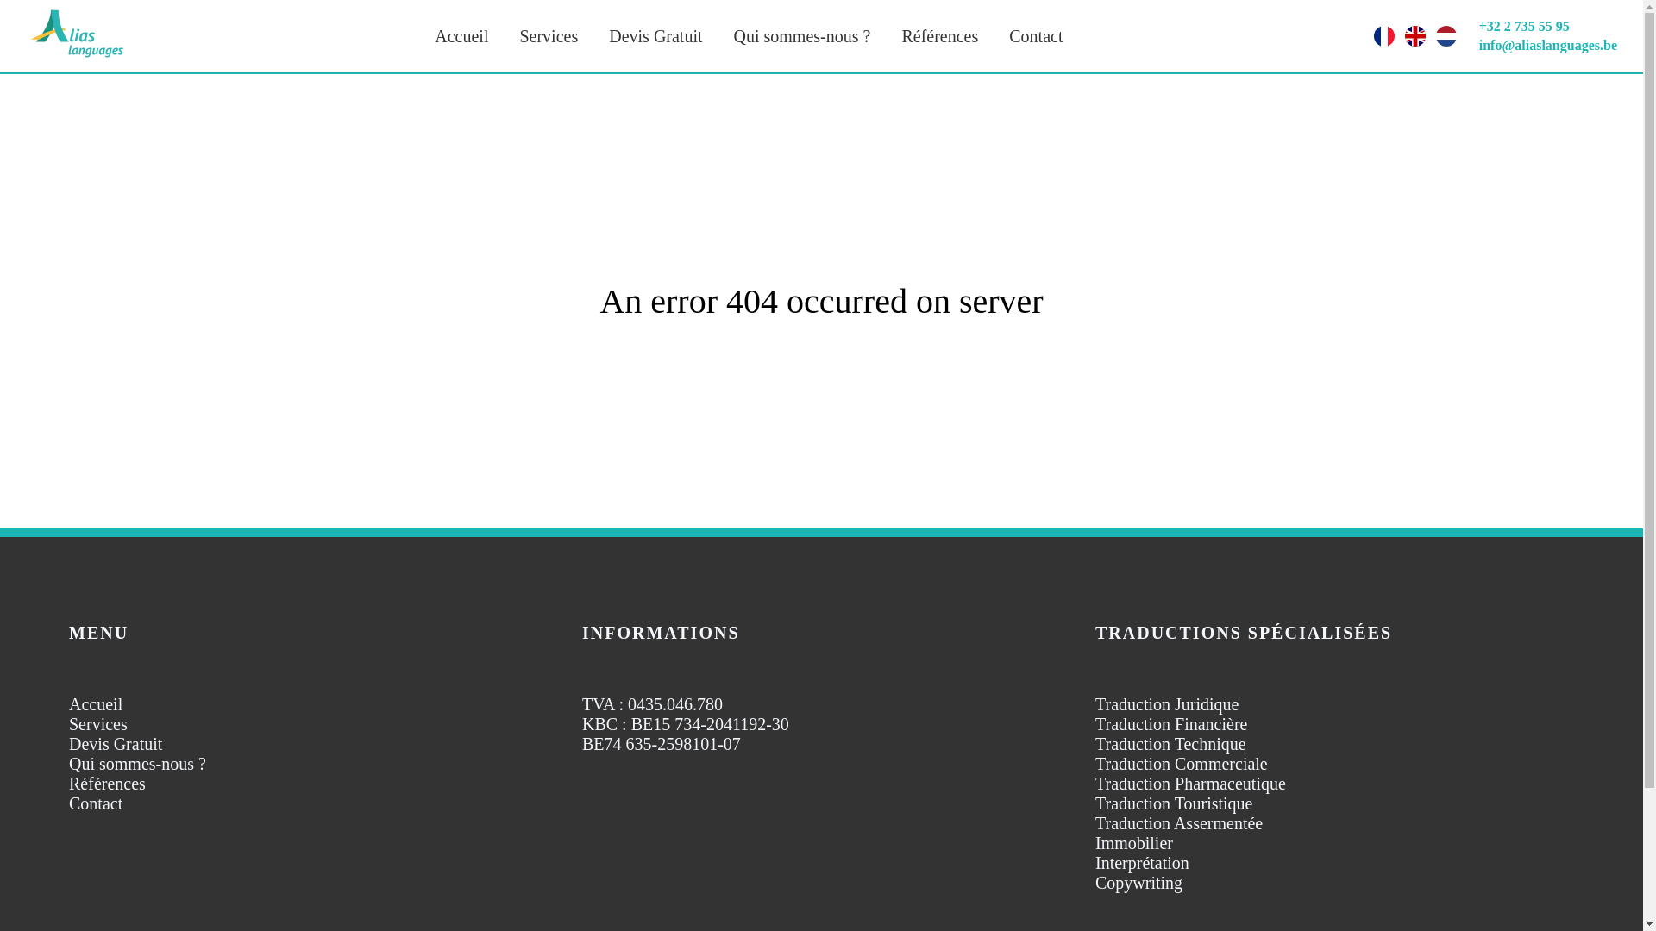  I want to click on 'Copywriting', so click(1138, 882).